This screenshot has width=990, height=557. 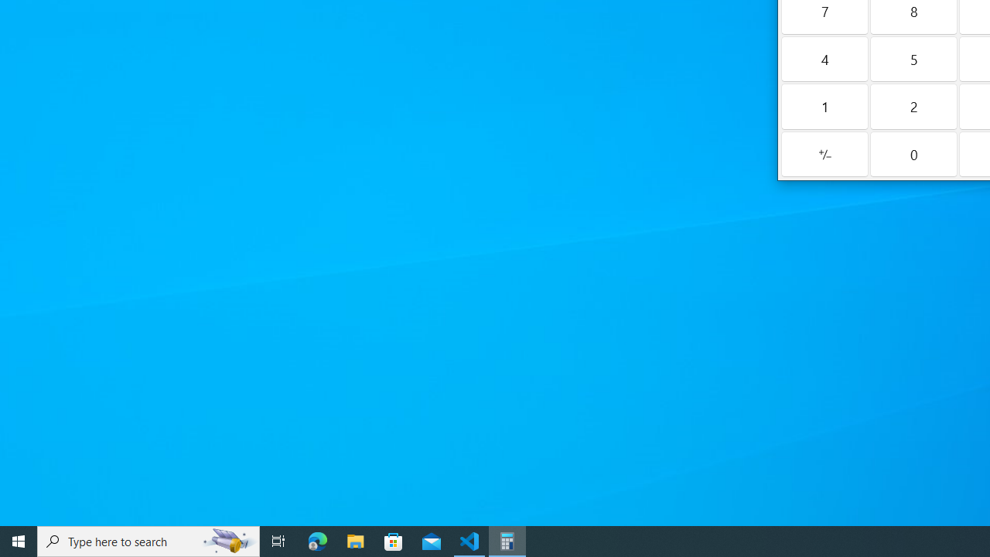 I want to click on 'Type here to search', so click(x=148, y=540).